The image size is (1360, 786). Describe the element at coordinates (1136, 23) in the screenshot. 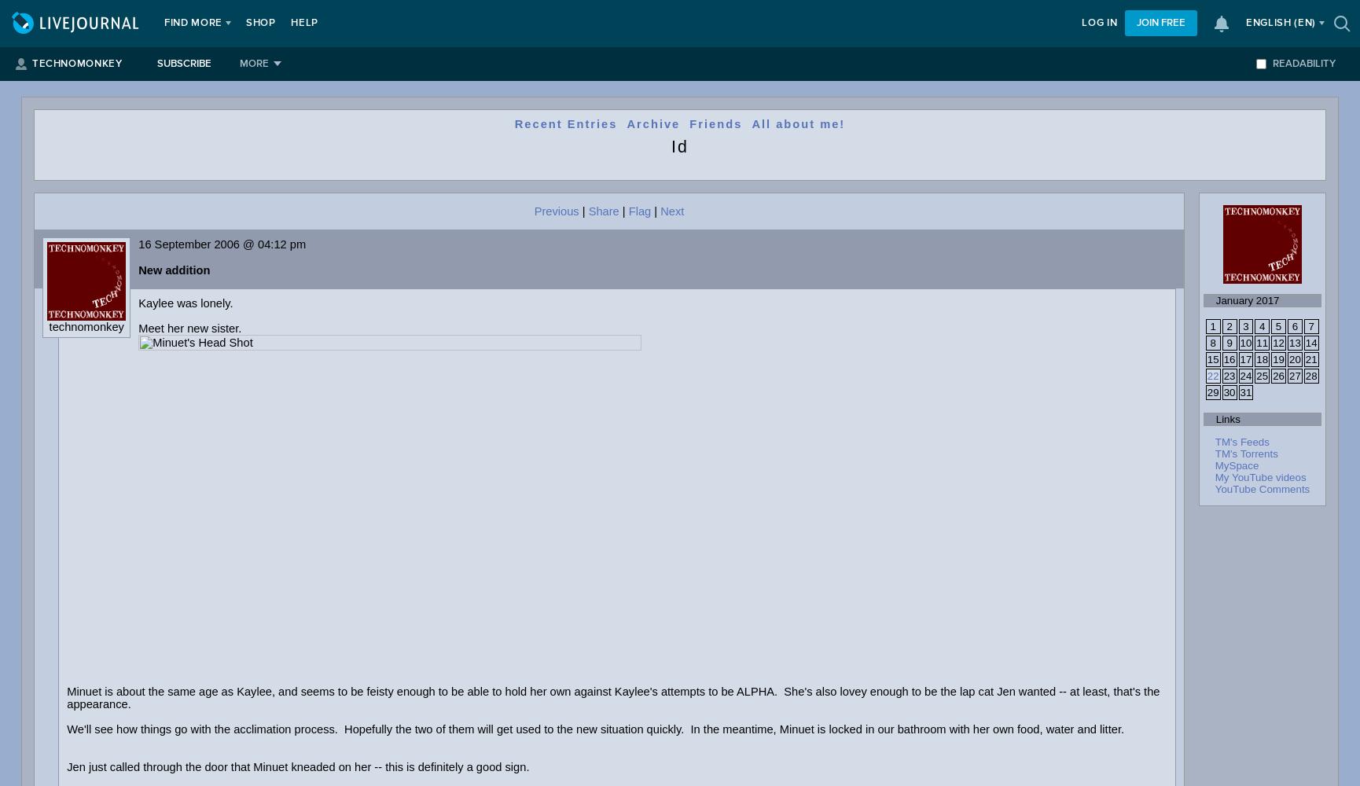

I see `'Join free'` at that location.